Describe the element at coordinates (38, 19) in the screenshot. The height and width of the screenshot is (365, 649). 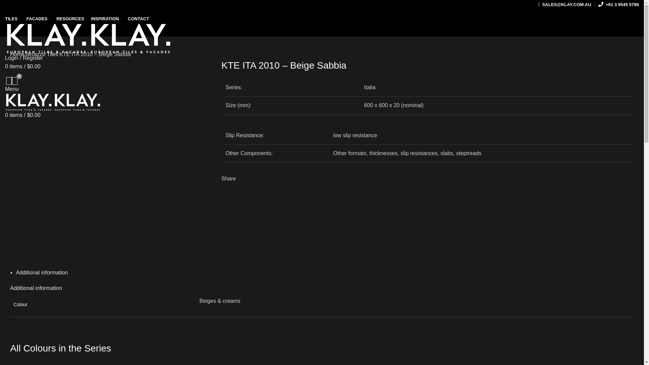
I see `'FACADES'` at that location.